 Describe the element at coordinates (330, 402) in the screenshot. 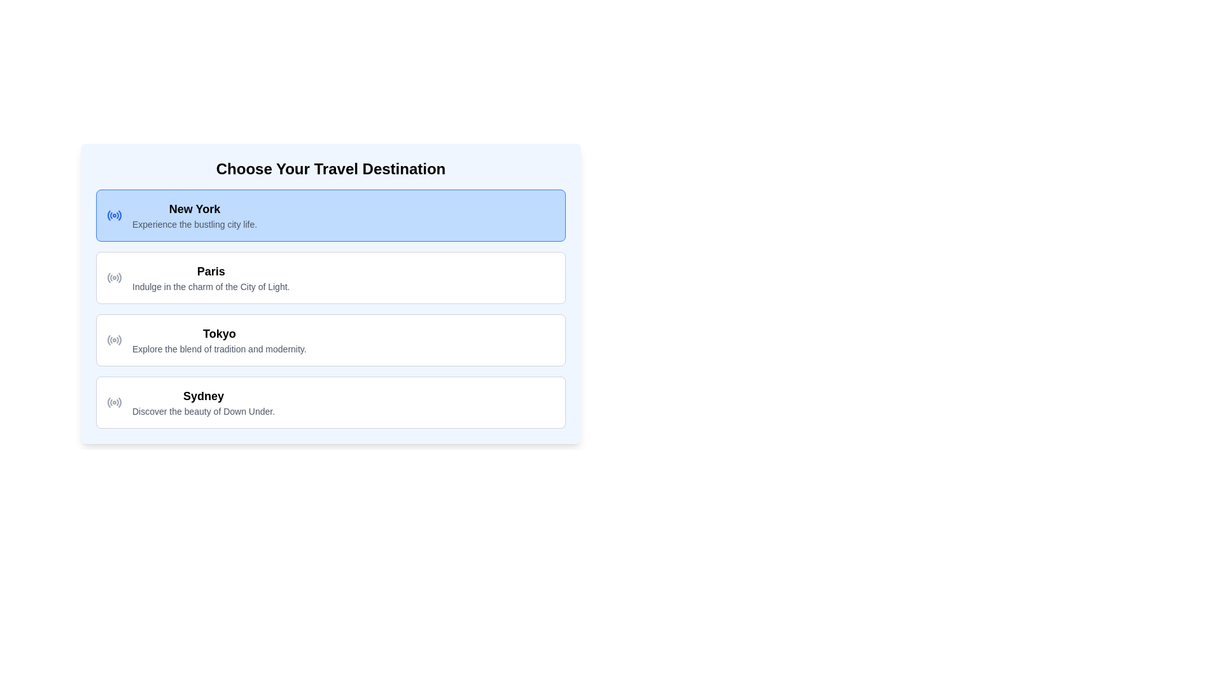

I see `the card labeled 'Sydney'` at that location.